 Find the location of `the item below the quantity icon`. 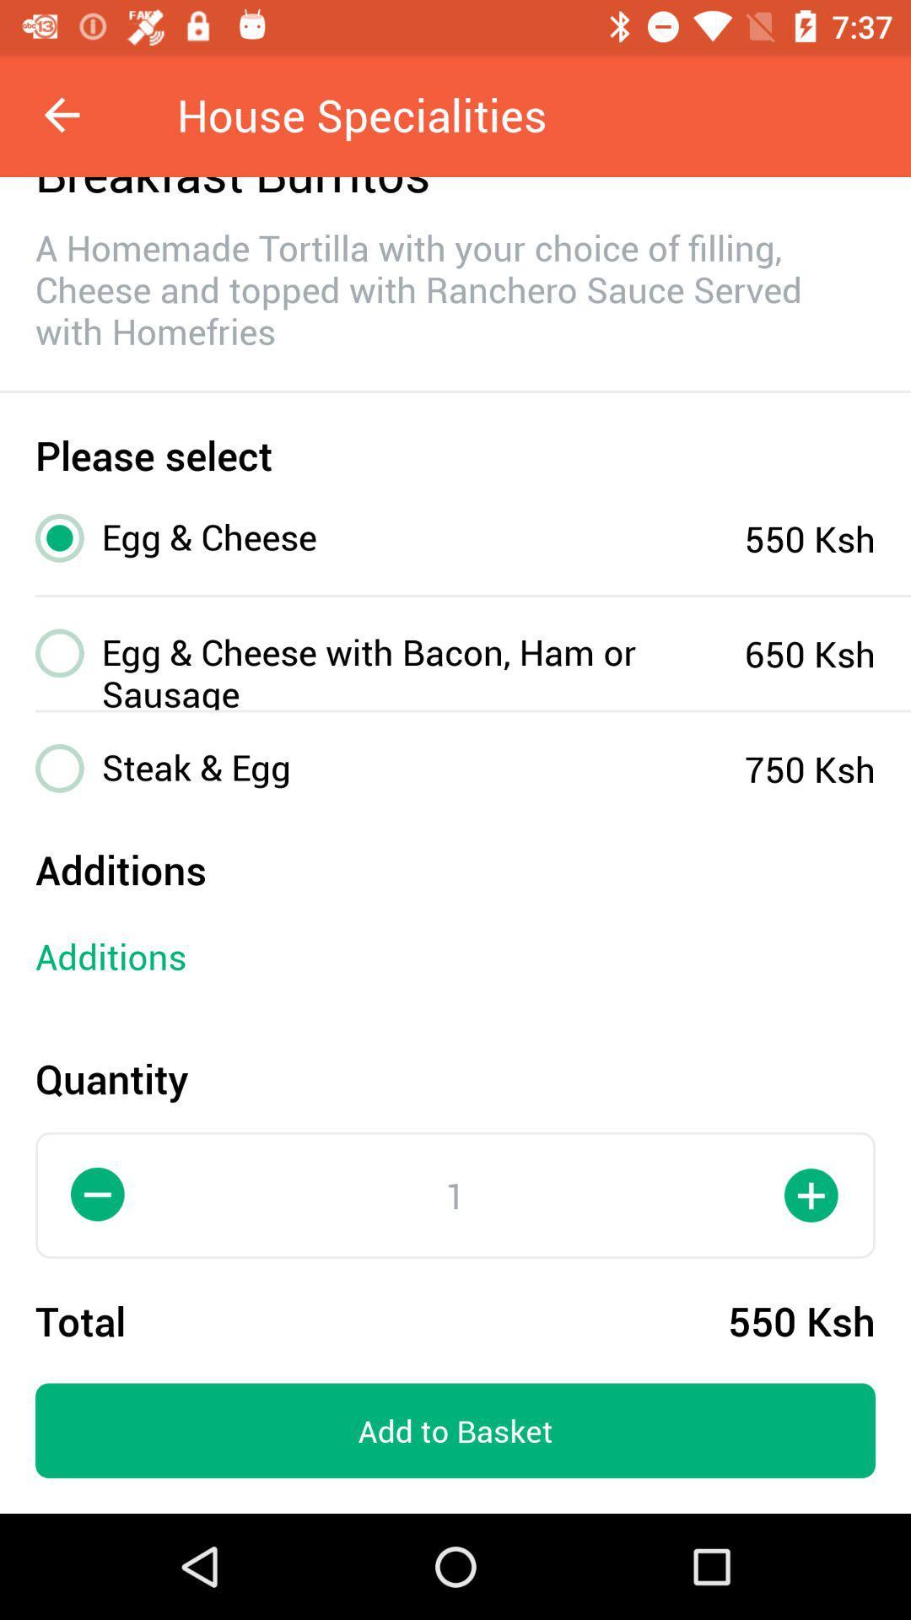

the item below the quantity icon is located at coordinates (98, 1194).